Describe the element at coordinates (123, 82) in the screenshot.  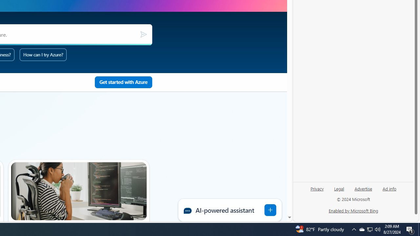
I see `'Get started with Pay as you go using Azure'` at that location.